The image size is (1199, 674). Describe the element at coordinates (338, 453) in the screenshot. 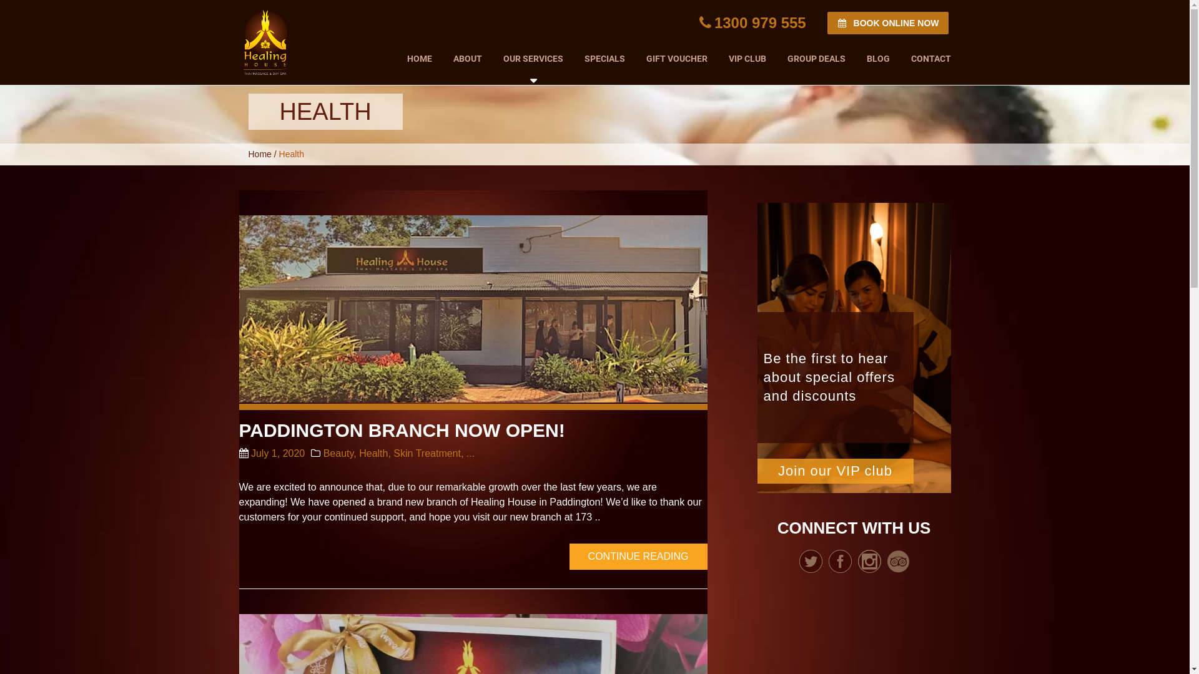

I see `'Beauty'` at that location.